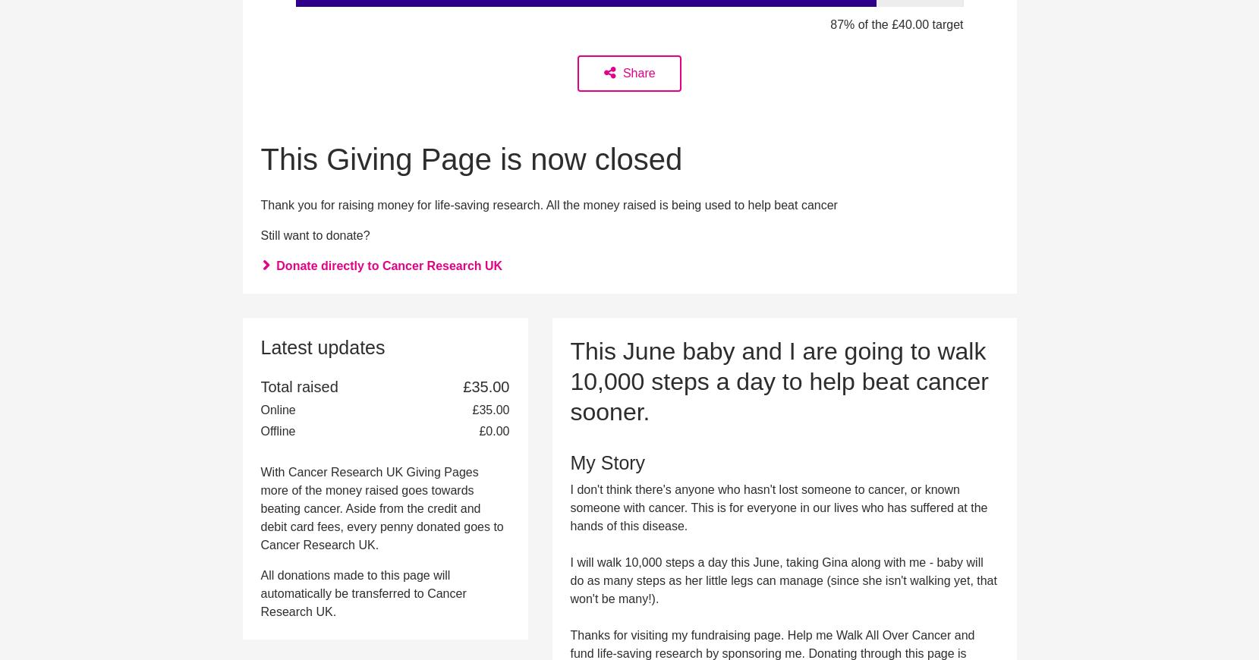 The image size is (1259, 660). What do you see at coordinates (606, 461) in the screenshot?
I see `'My Story'` at bounding box center [606, 461].